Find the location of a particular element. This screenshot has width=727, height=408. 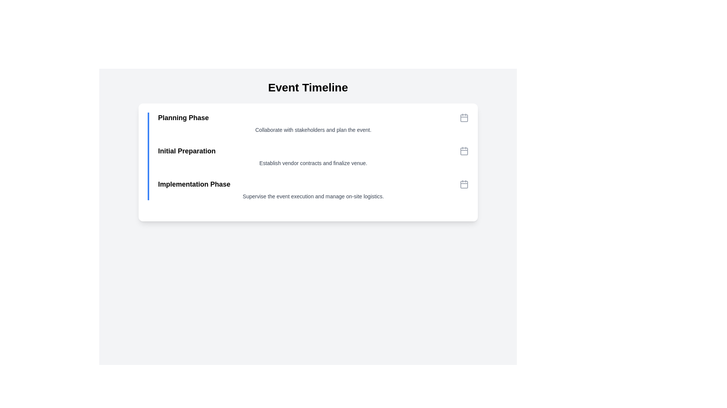

the visual indicator located to the left of the 'Planning Phase' title is located at coordinates (149, 115).